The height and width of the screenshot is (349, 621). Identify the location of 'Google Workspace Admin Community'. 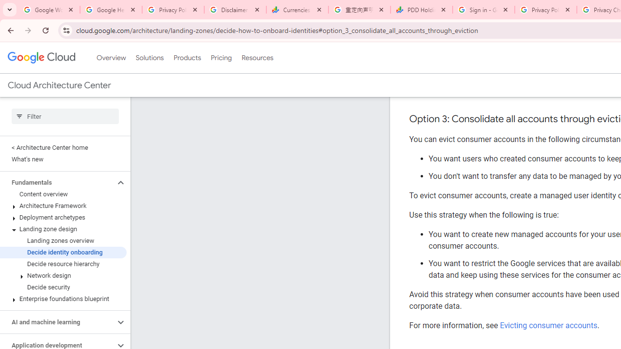
(49, 10).